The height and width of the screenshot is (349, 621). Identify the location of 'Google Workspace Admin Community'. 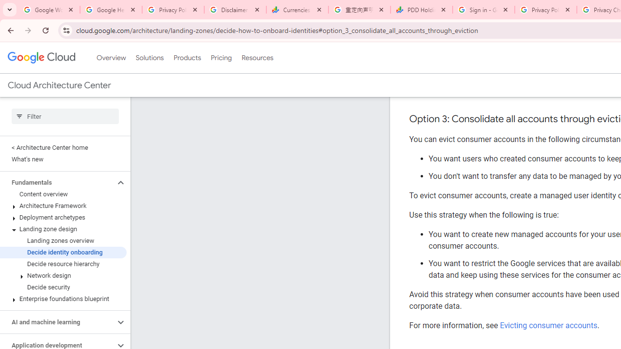
(49, 10).